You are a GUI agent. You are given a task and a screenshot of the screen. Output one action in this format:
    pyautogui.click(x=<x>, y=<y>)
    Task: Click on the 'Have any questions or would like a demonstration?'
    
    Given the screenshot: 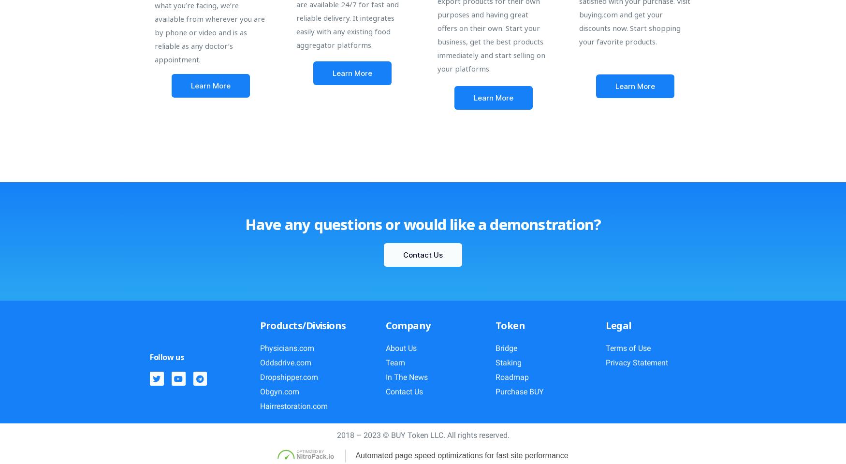 What is the action you would take?
    pyautogui.click(x=423, y=224)
    